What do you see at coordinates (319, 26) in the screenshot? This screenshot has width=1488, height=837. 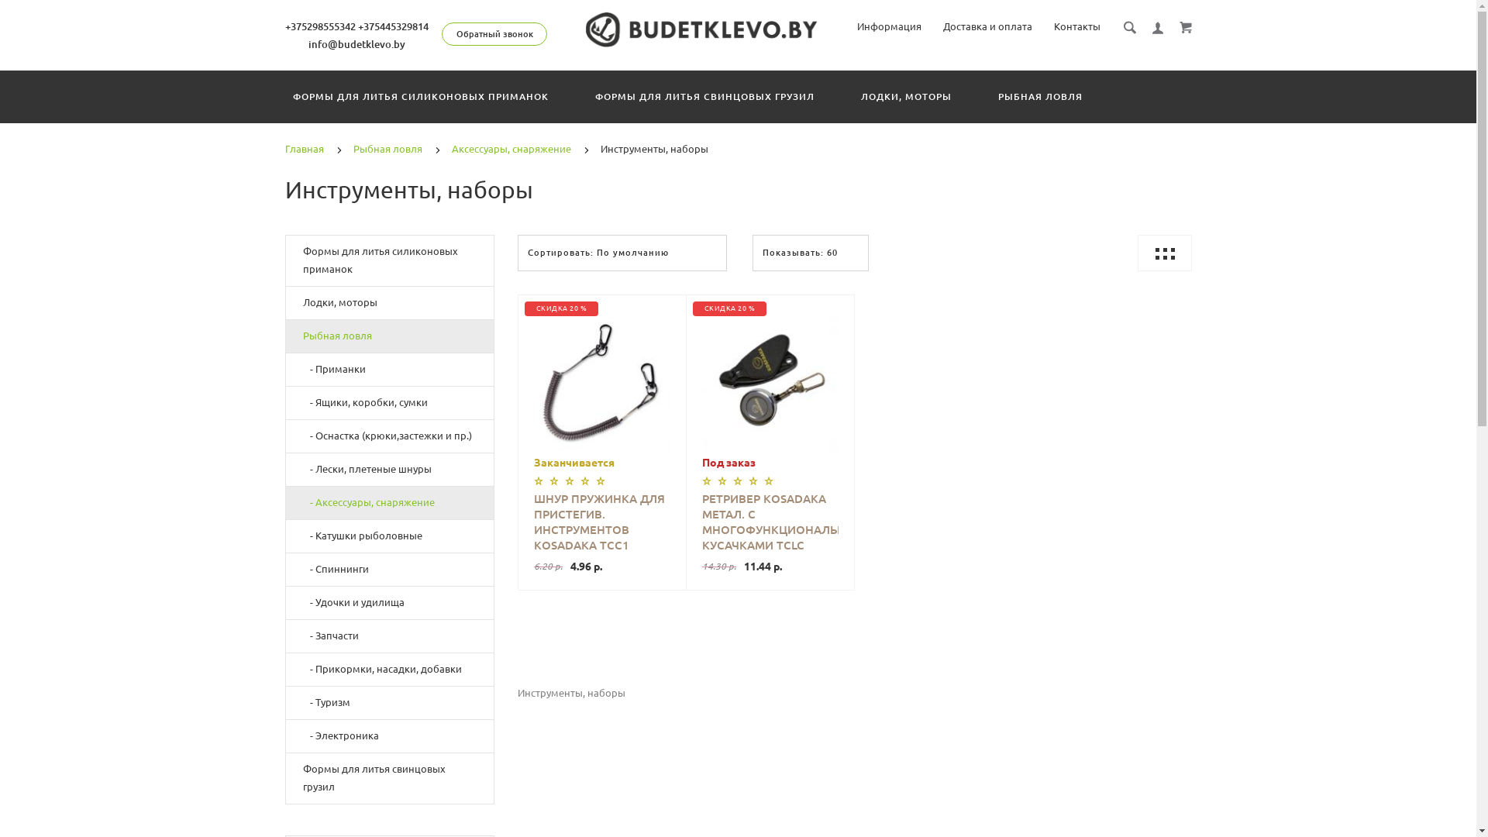 I see `'+375298555342'` at bounding box center [319, 26].